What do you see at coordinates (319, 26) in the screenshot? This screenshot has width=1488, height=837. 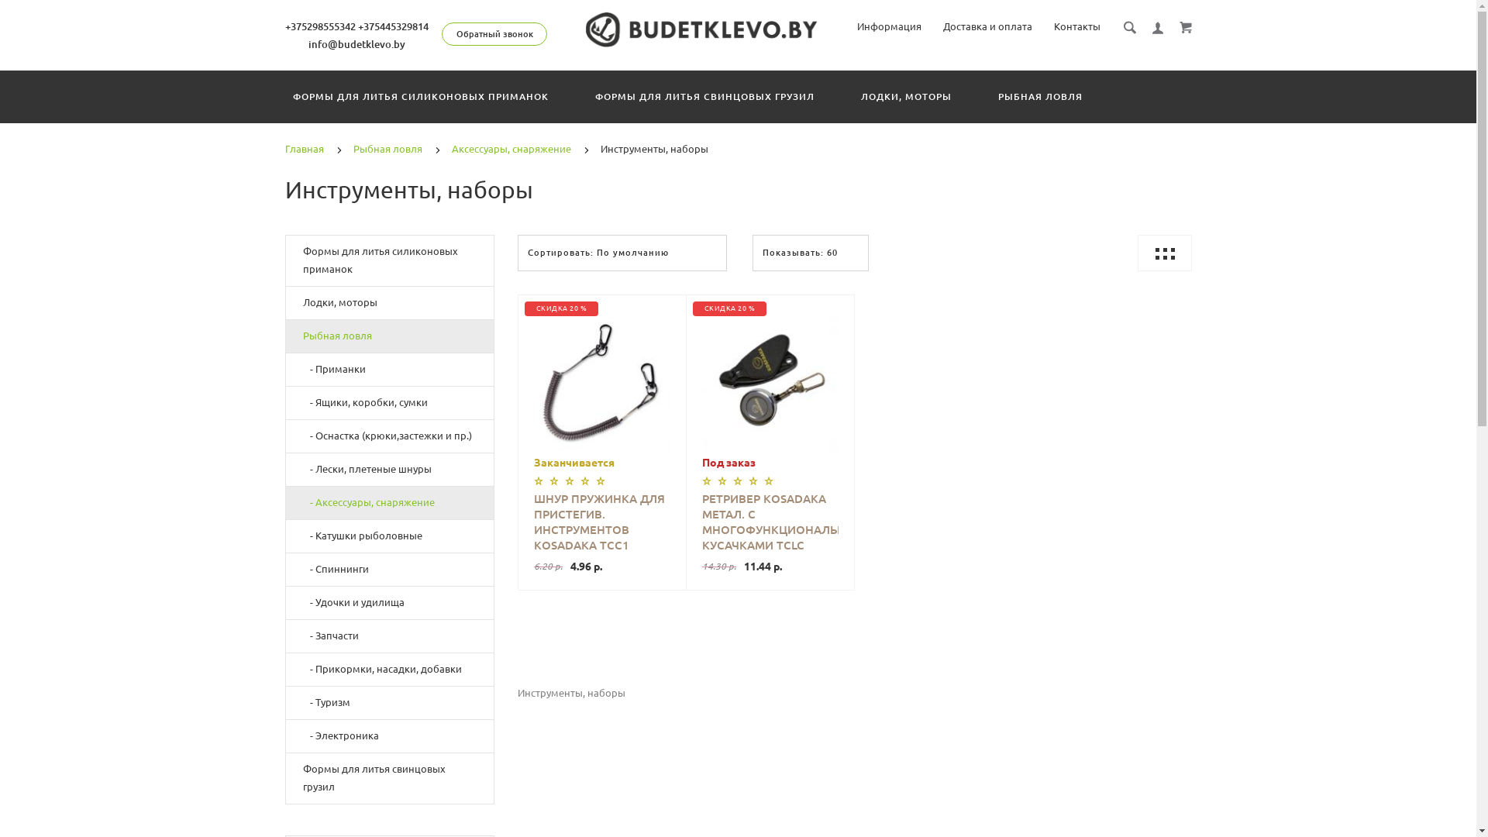 I see `'+375298555342'` at bounding box center [319, 26].